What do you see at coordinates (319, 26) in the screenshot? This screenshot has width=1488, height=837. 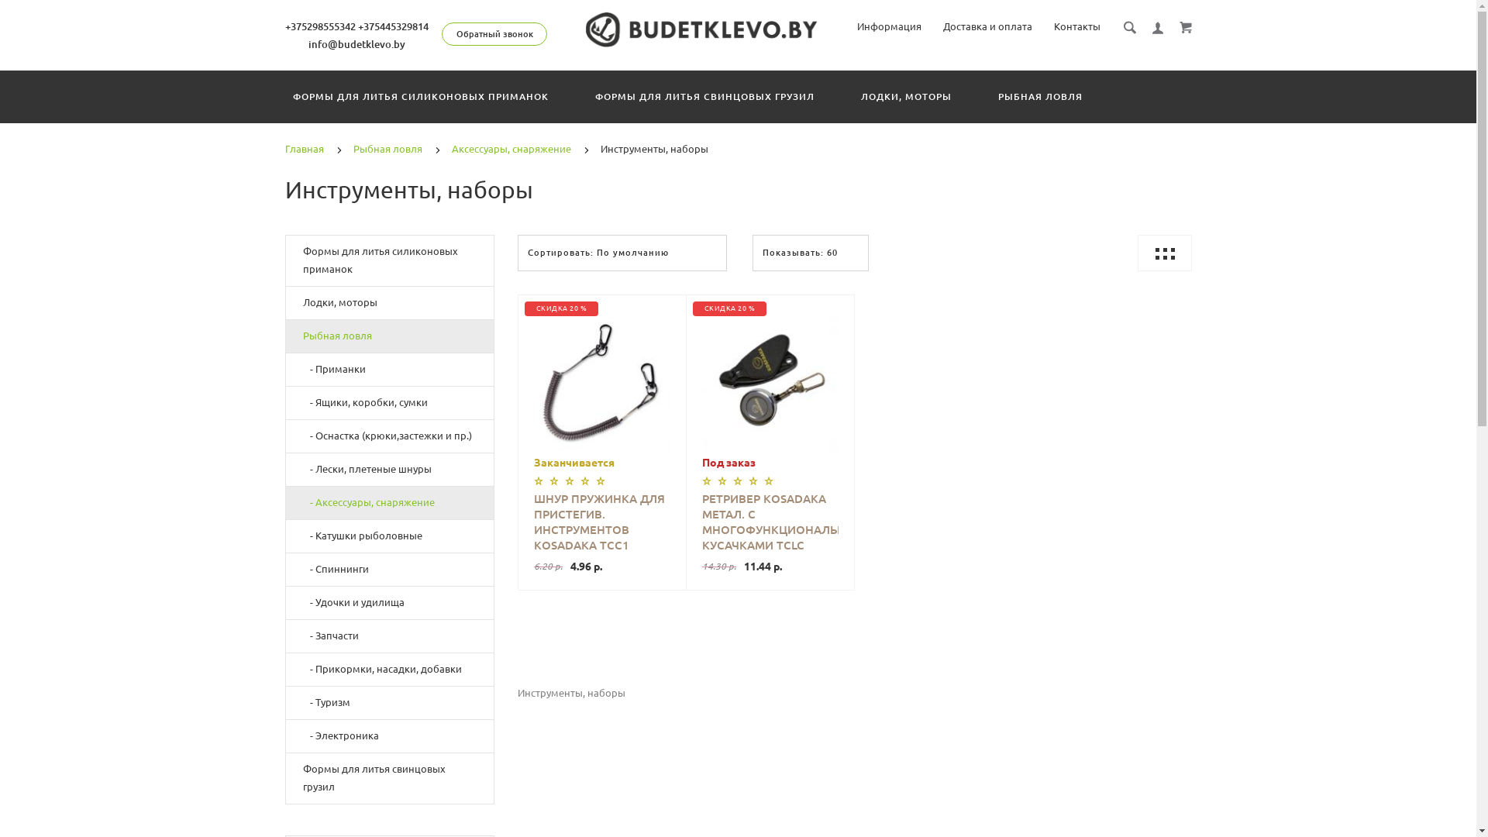 I see `'+375298555342'` at bounding box center [319, 26].